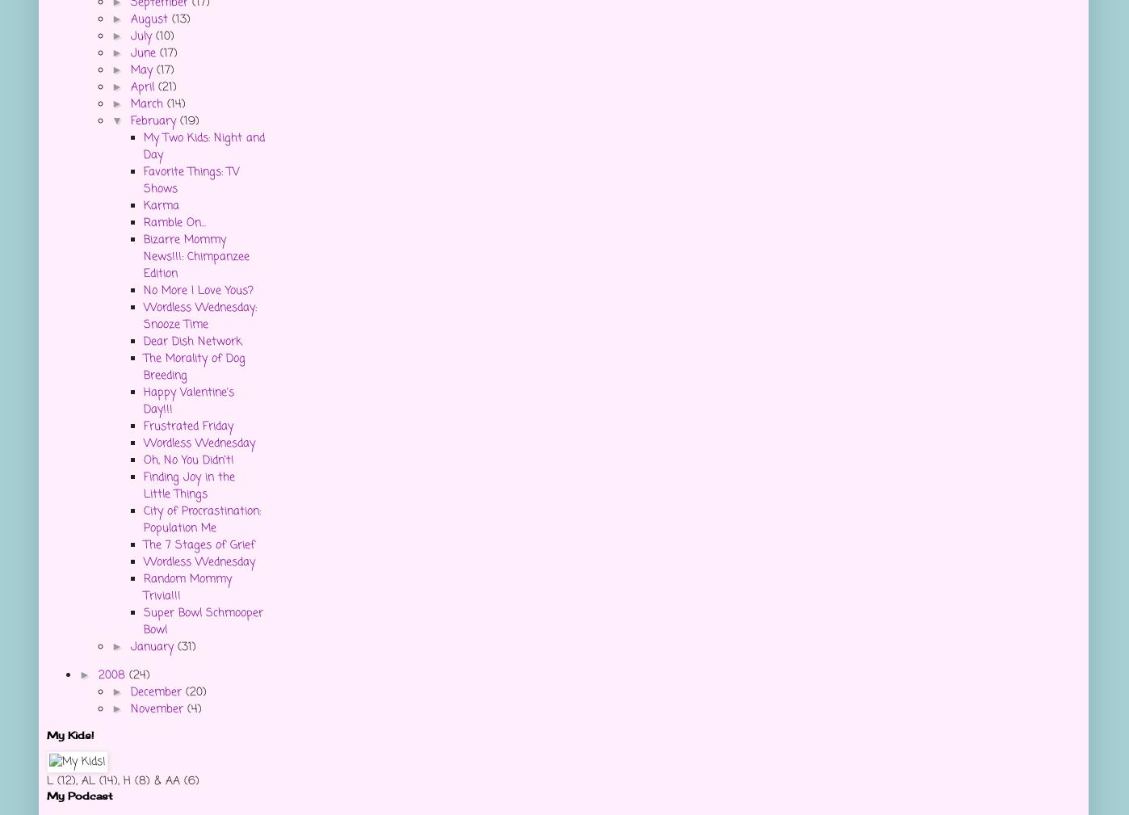 The height and width of the screenshot is (815, 1129). Describe the element at coordinates (188, 426) in the screenshot. I see `'Frustrated Friday'` at that location.